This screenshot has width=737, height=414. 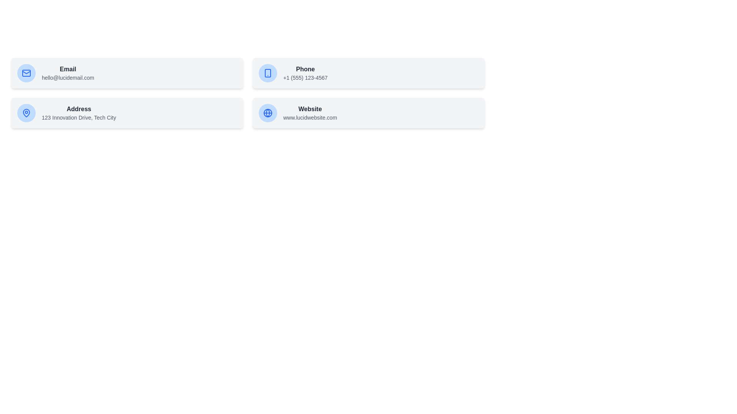 I want to click on the location of the blue pin icon, which is positioned to the left of the 'Address' section text, so click(x=26, y=112).